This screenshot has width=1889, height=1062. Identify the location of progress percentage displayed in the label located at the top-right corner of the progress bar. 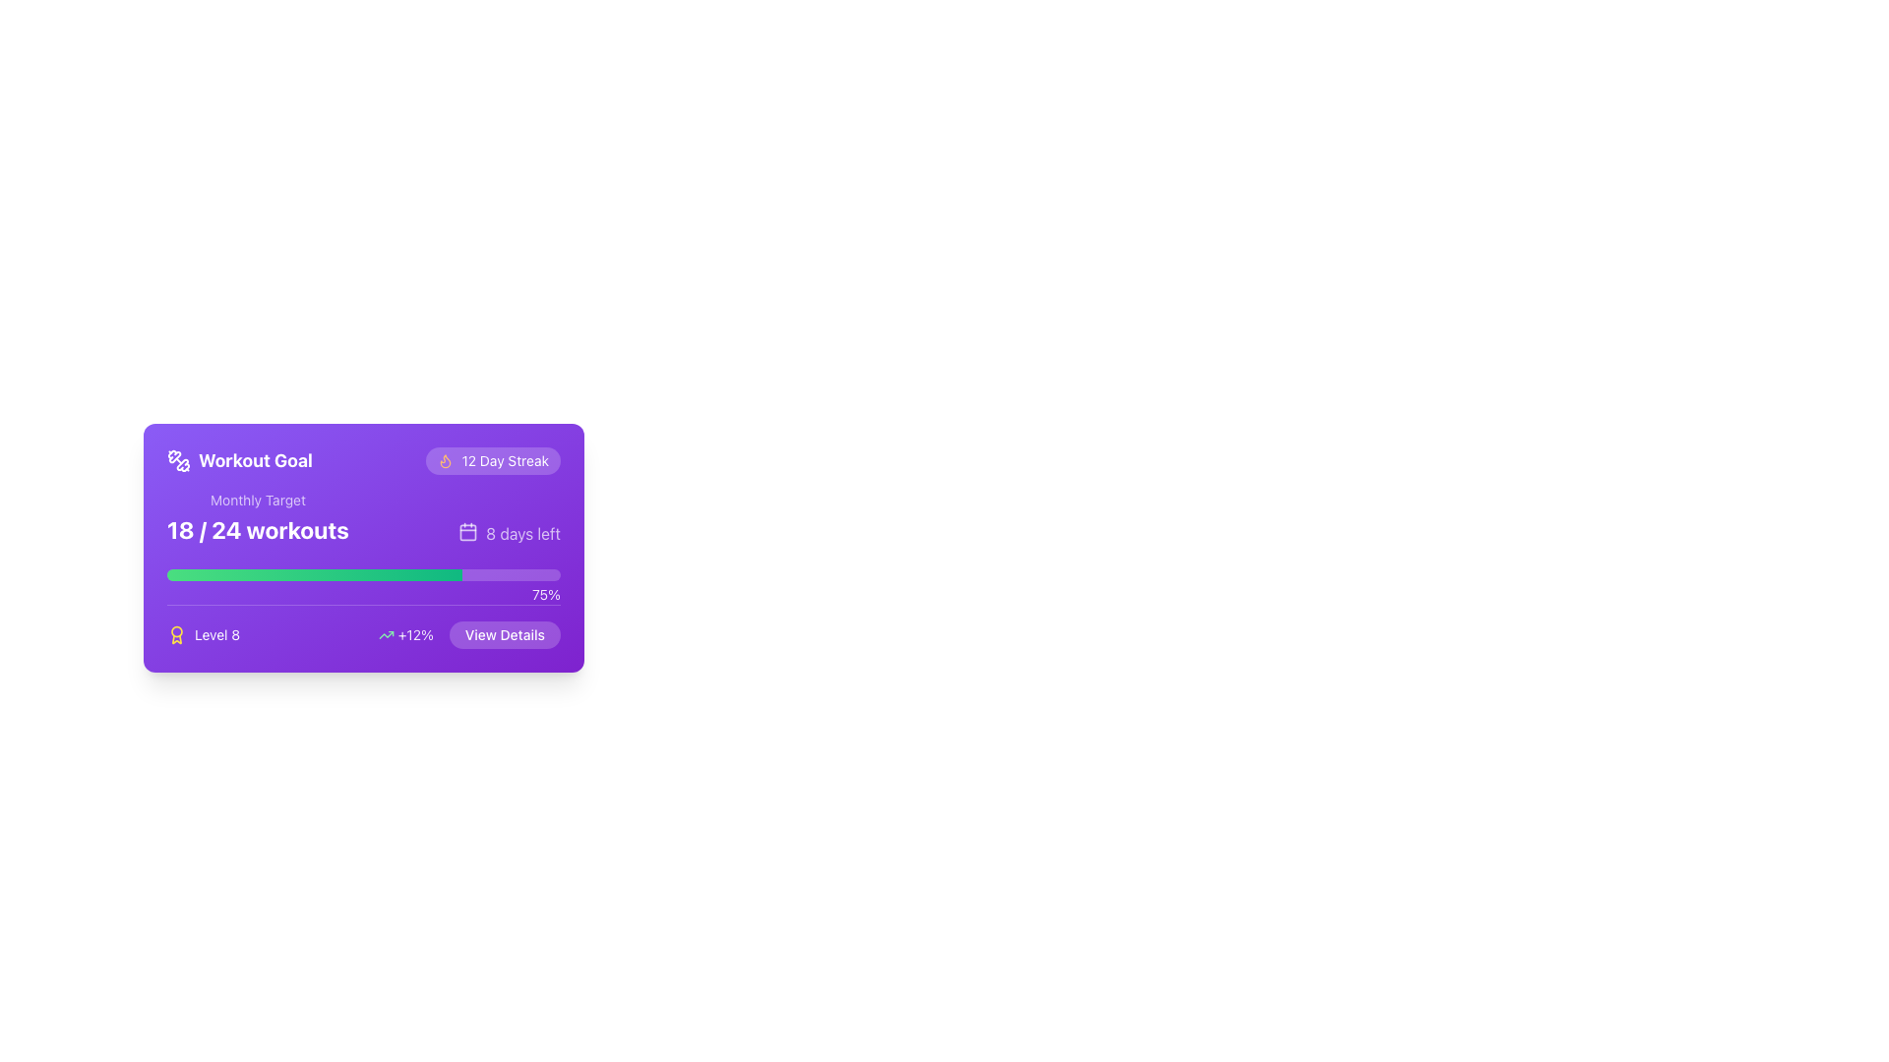
(546, 594).